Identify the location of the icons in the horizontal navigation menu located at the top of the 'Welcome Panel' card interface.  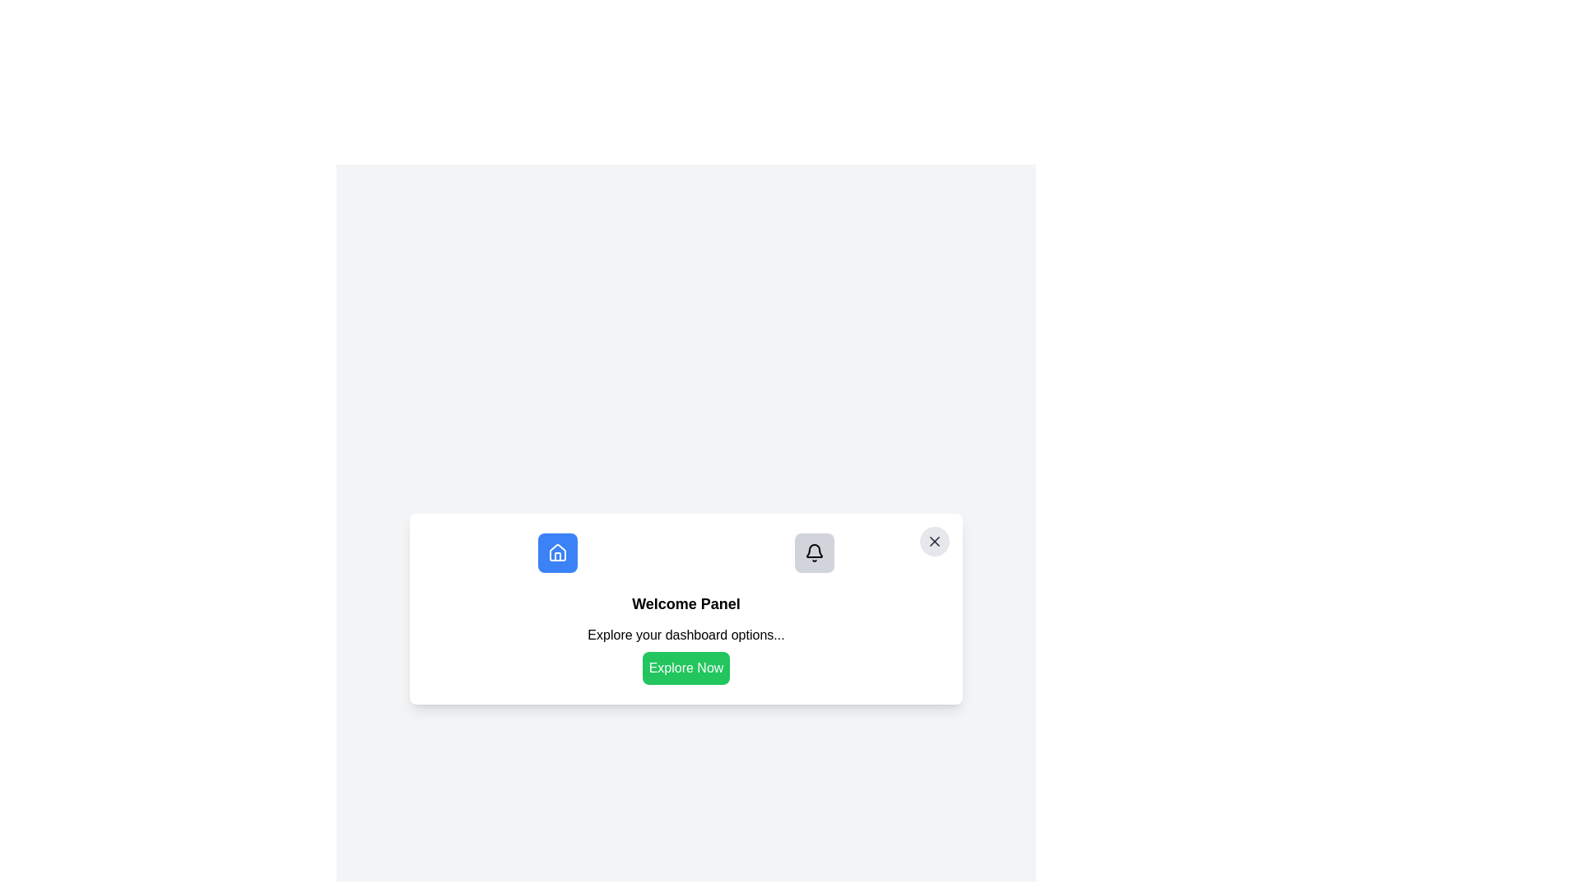
(686, 552).